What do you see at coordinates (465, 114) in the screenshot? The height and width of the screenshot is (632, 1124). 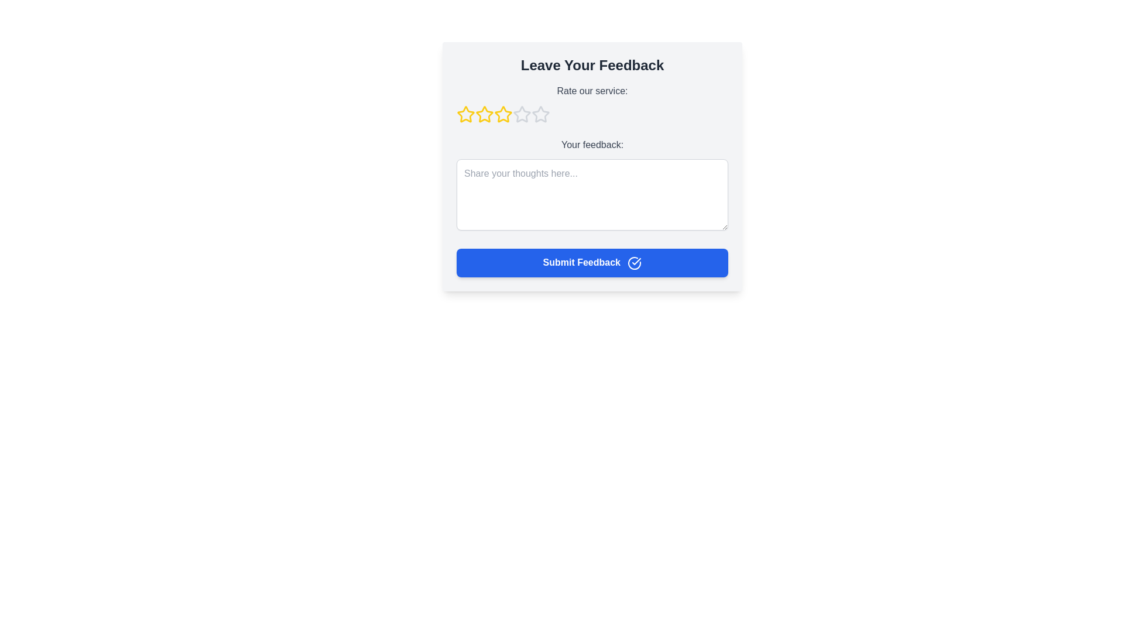 I see `the first star-shaped button with a yellow outline and white fill under the 'Rate our service' heading` at bounding box center [465, 114].